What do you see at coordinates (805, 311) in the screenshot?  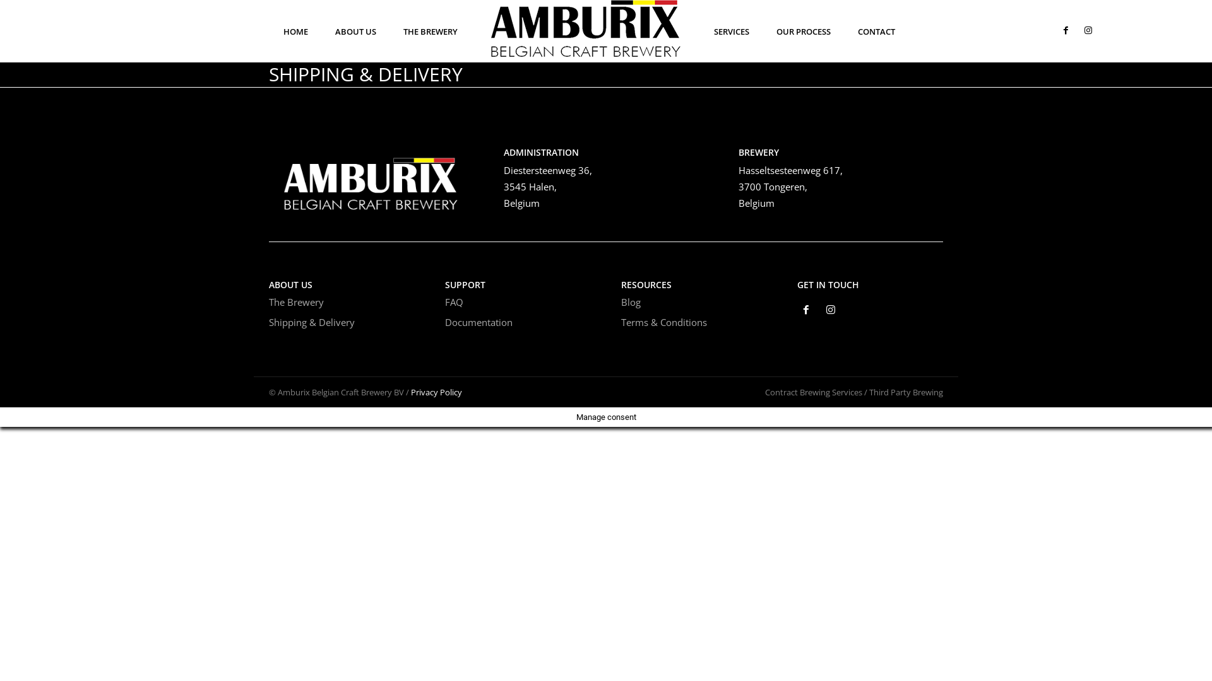 I see `'Facebook'` at bounding box center [805, 311].